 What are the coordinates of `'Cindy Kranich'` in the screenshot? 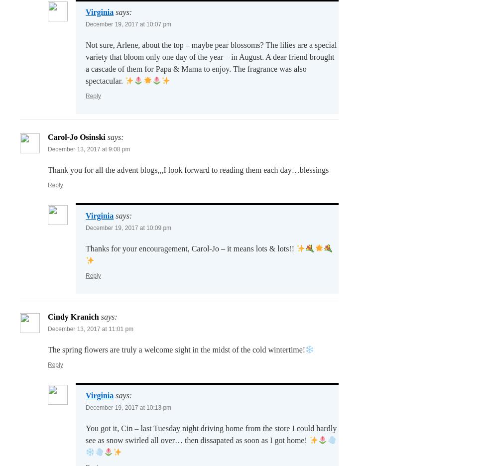 It's located at (73, 316).